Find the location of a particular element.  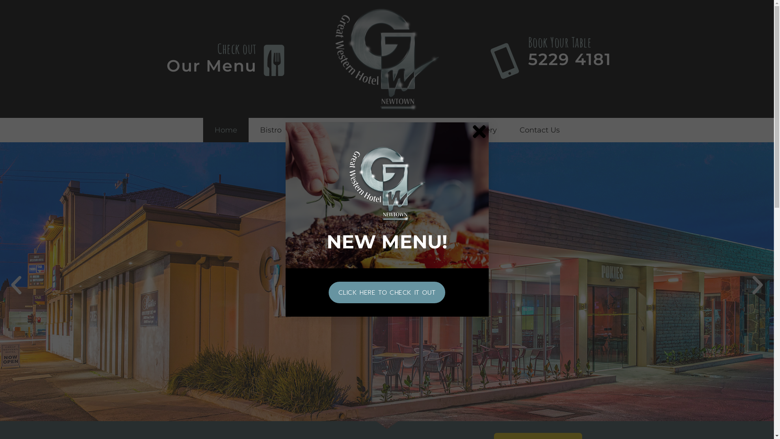

'Bistro' is located at coordinates (271, 130).